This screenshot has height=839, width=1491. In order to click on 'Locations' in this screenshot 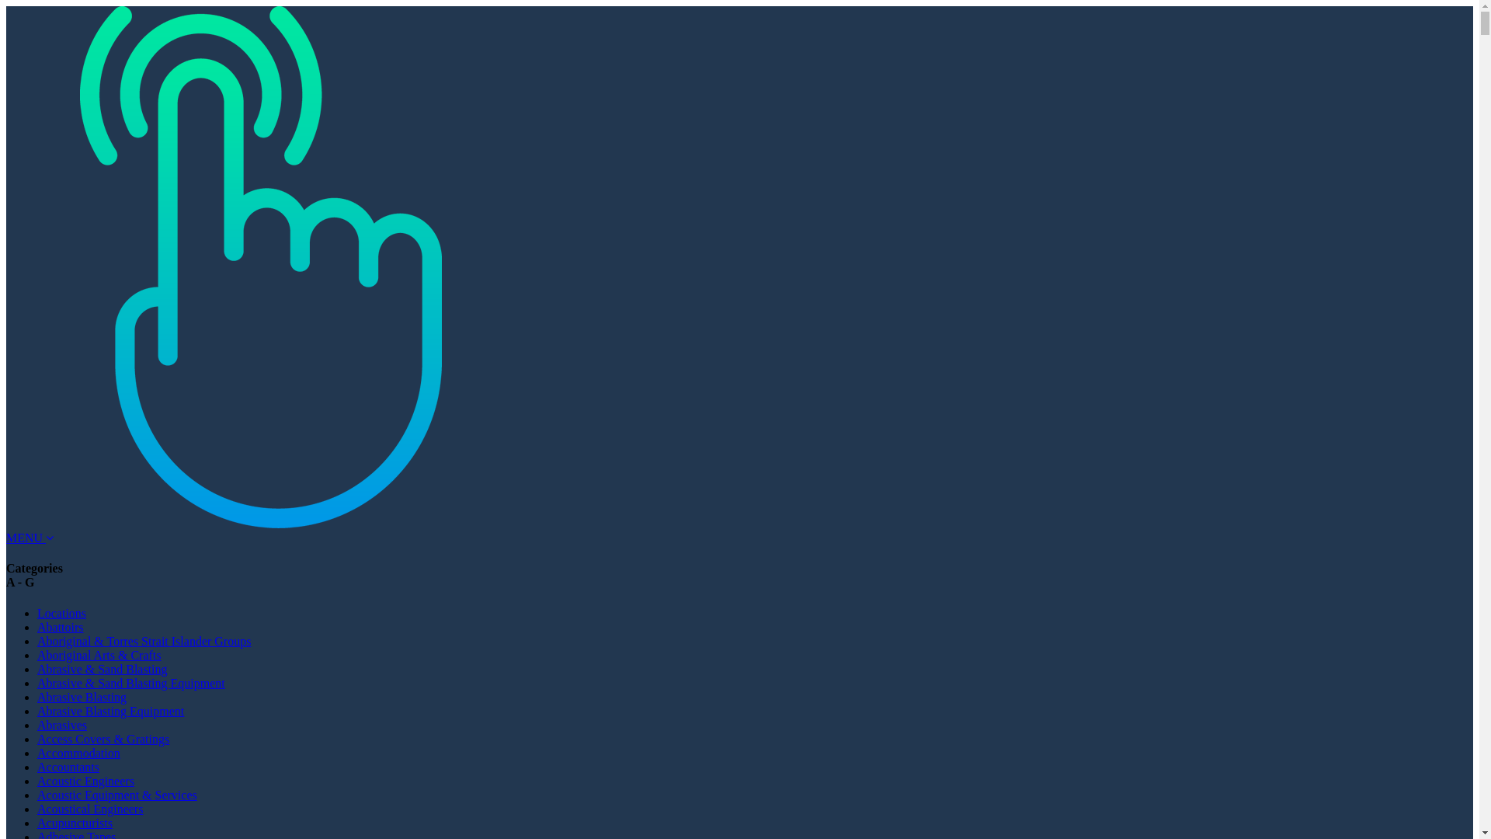, I will do `click(61, 612)`.